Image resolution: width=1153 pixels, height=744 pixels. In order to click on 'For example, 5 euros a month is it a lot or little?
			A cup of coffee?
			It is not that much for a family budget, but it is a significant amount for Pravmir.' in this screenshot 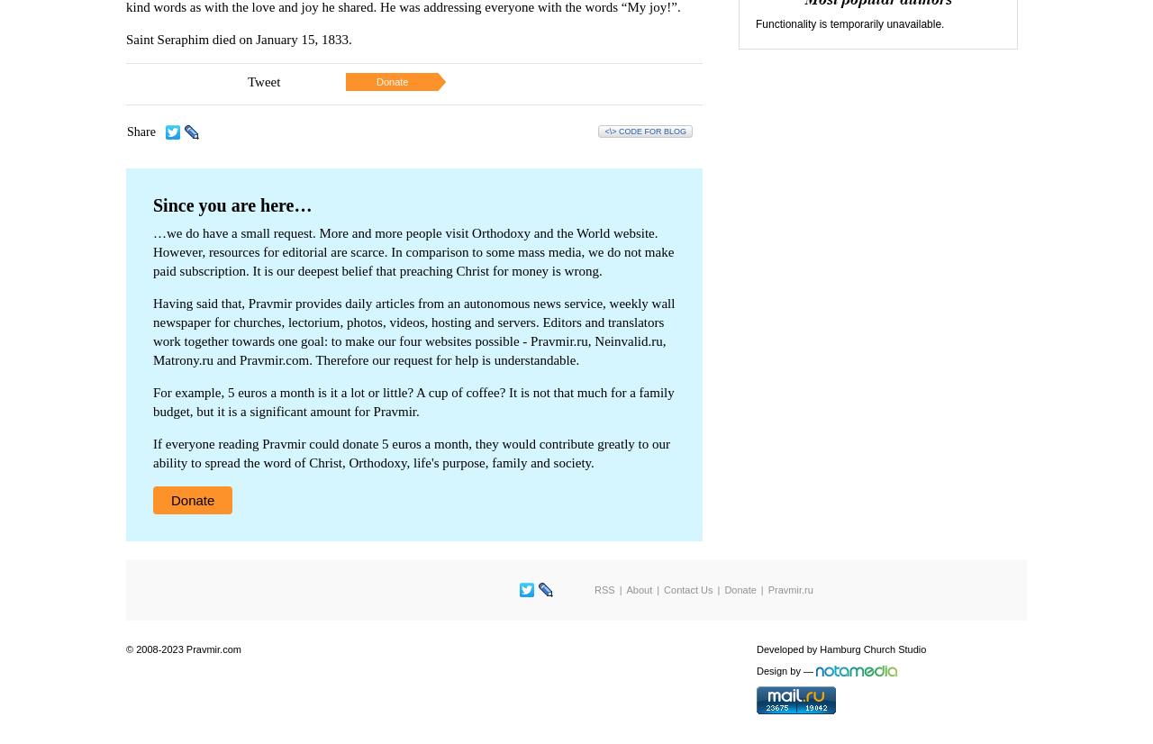, I will do `click(413, 401)`.